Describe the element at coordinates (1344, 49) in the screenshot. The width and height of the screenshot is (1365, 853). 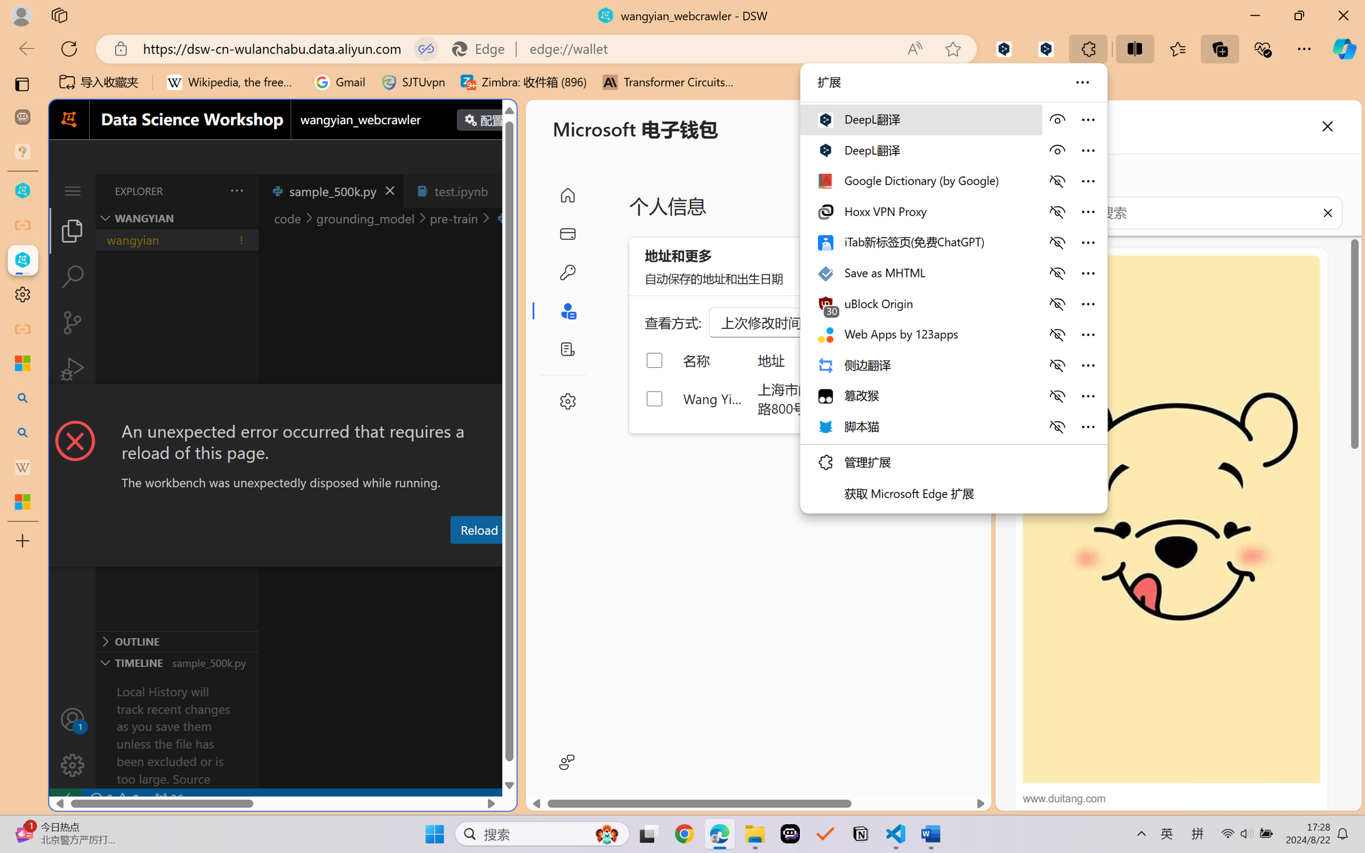
I see `'Copilot (Ctrl+Shift+.)'` at that location.